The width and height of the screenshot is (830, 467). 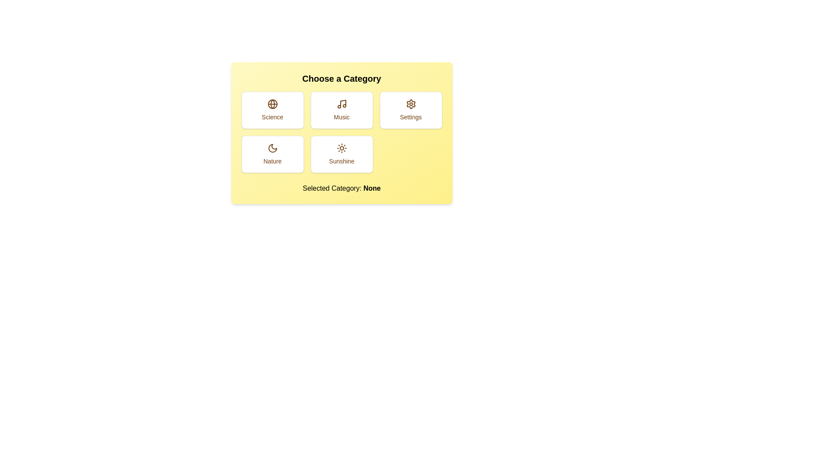 What do you see at coordinates (272, 148) in the screenshot?
I see `the design of the moon icon with a brown stroke located within the bottom-left button labeled 'Nature' on the category selection panel` at bounding box center [272, 148].